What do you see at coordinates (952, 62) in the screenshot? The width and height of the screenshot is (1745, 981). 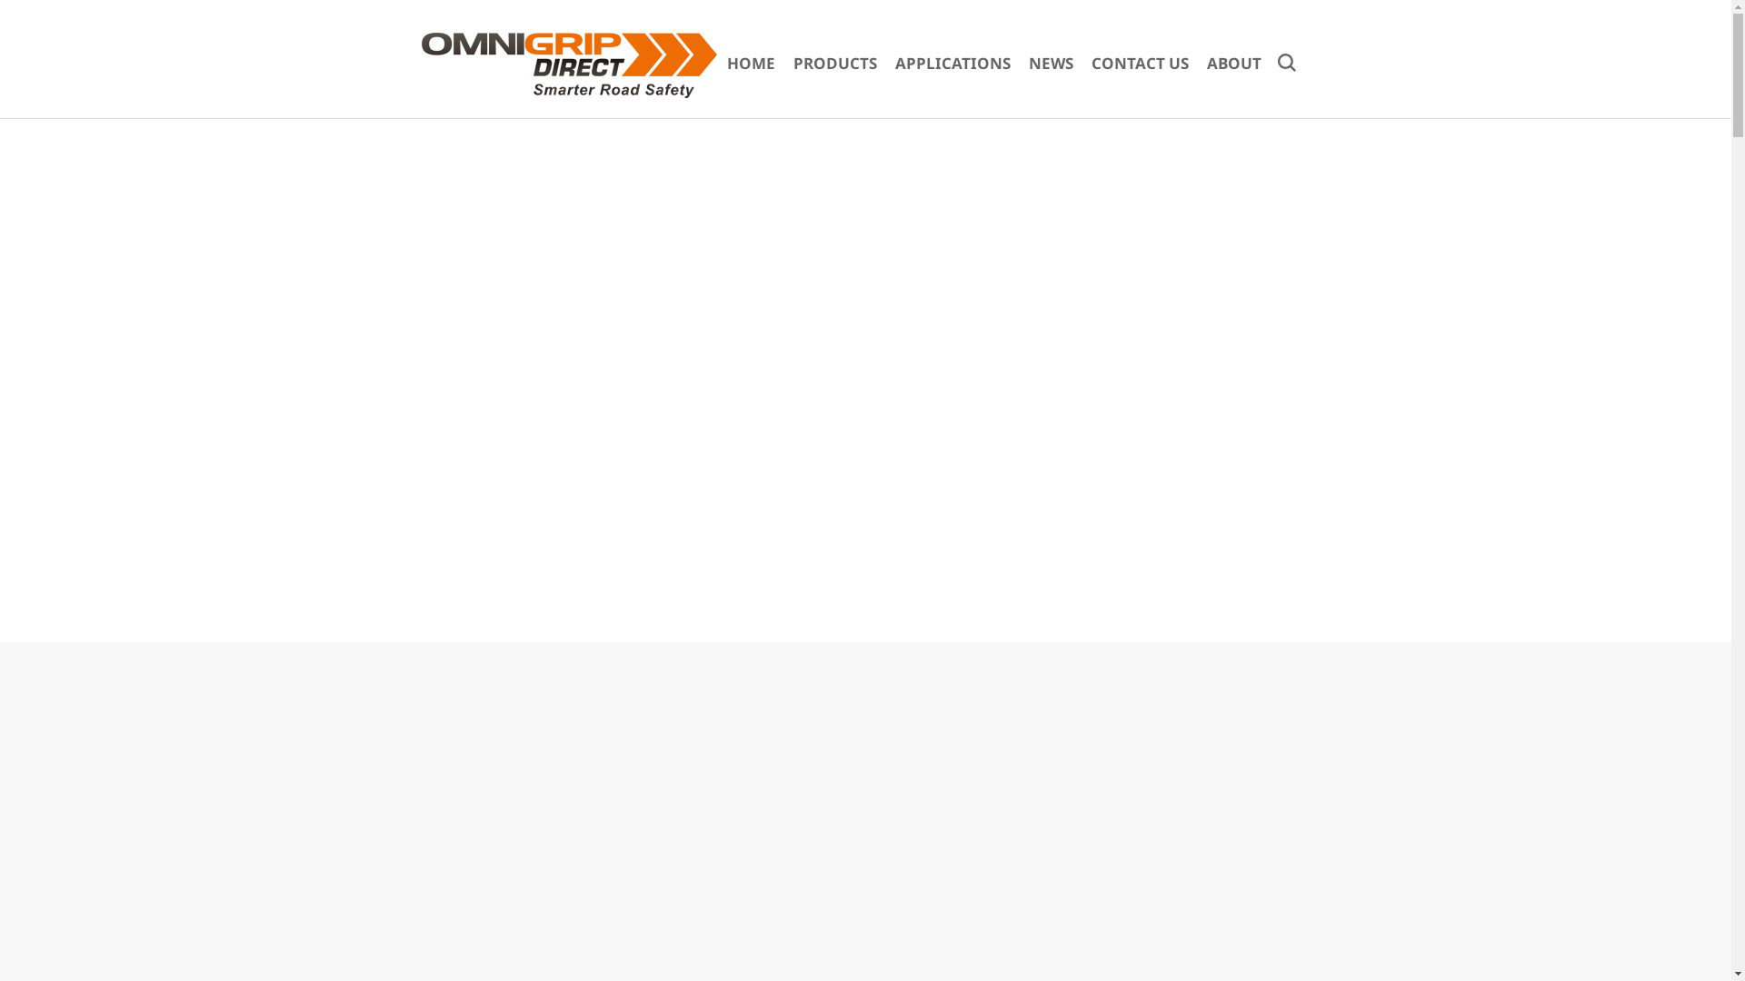 I see `'APPLICATIONS'` at bounding box center [952, 62].